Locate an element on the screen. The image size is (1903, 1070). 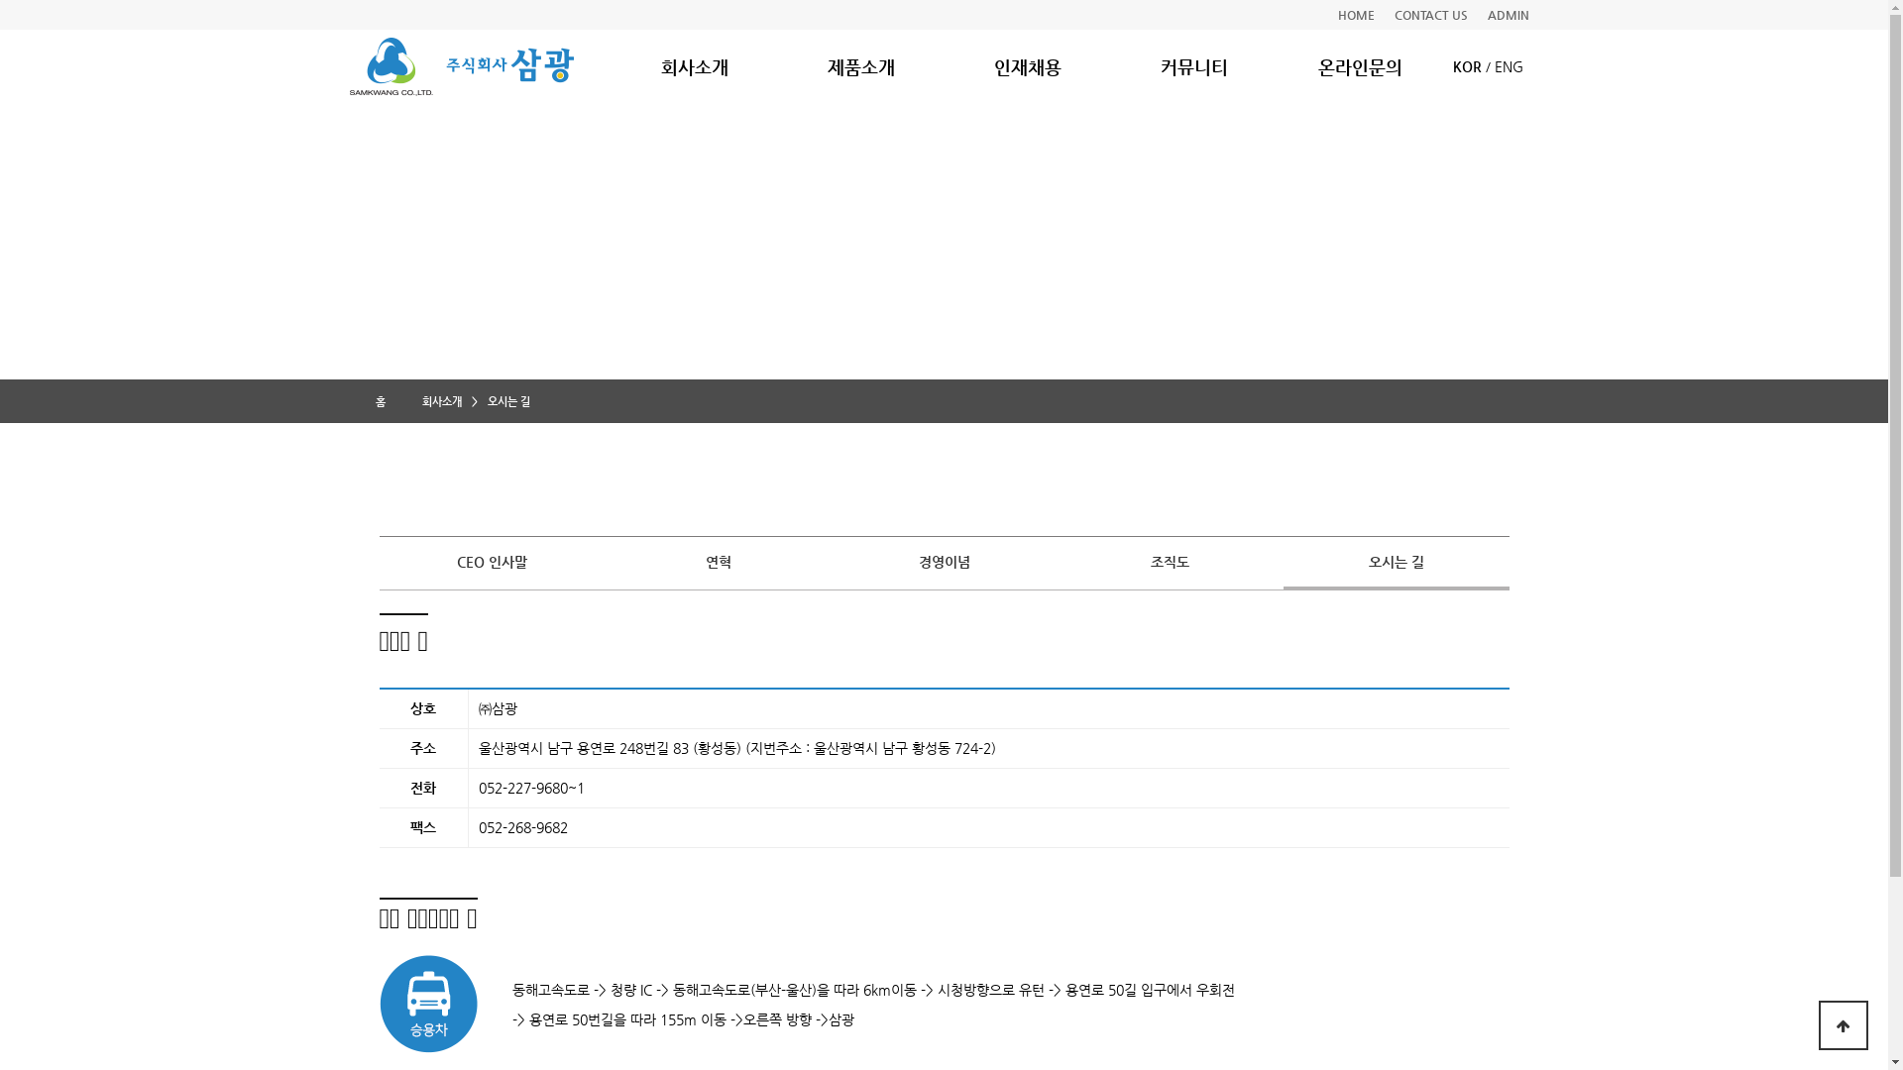
'HOME' is located at coordinates (1355, 15).